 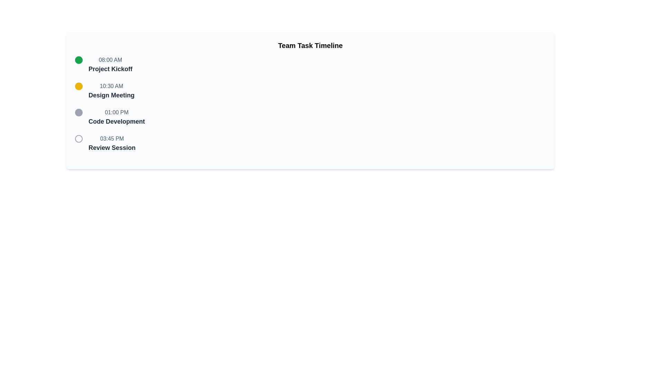 What do you see at coordinates (79, 138) in the screenshot?
I see `the Indicator Icon located at the leftmost side of the event entry labeled '03:45 PM Review Session', which is the fourth item in a vertical series of similar icons` at bounding box center [79, 138].